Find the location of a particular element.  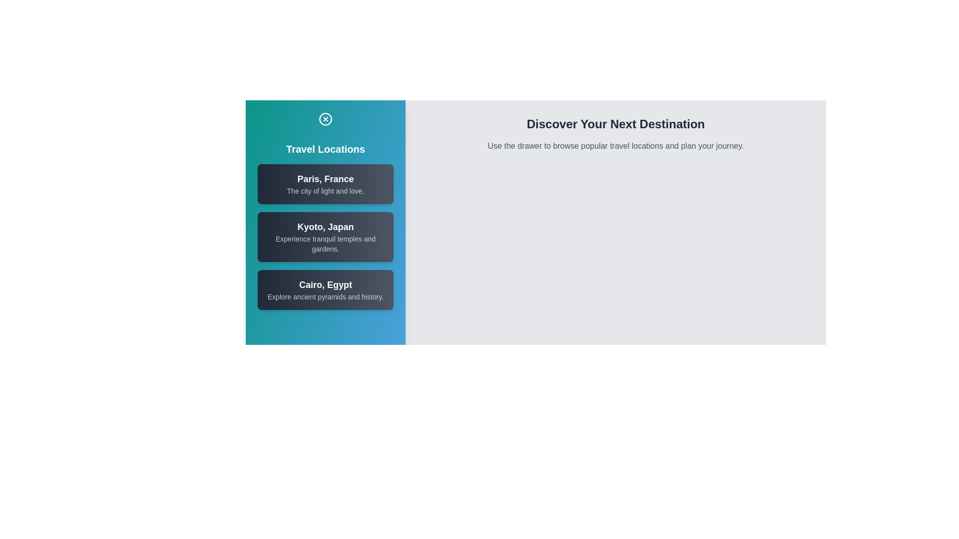

the location item corresponding to Kyoto, Japan is located at coordinates (326, 237).